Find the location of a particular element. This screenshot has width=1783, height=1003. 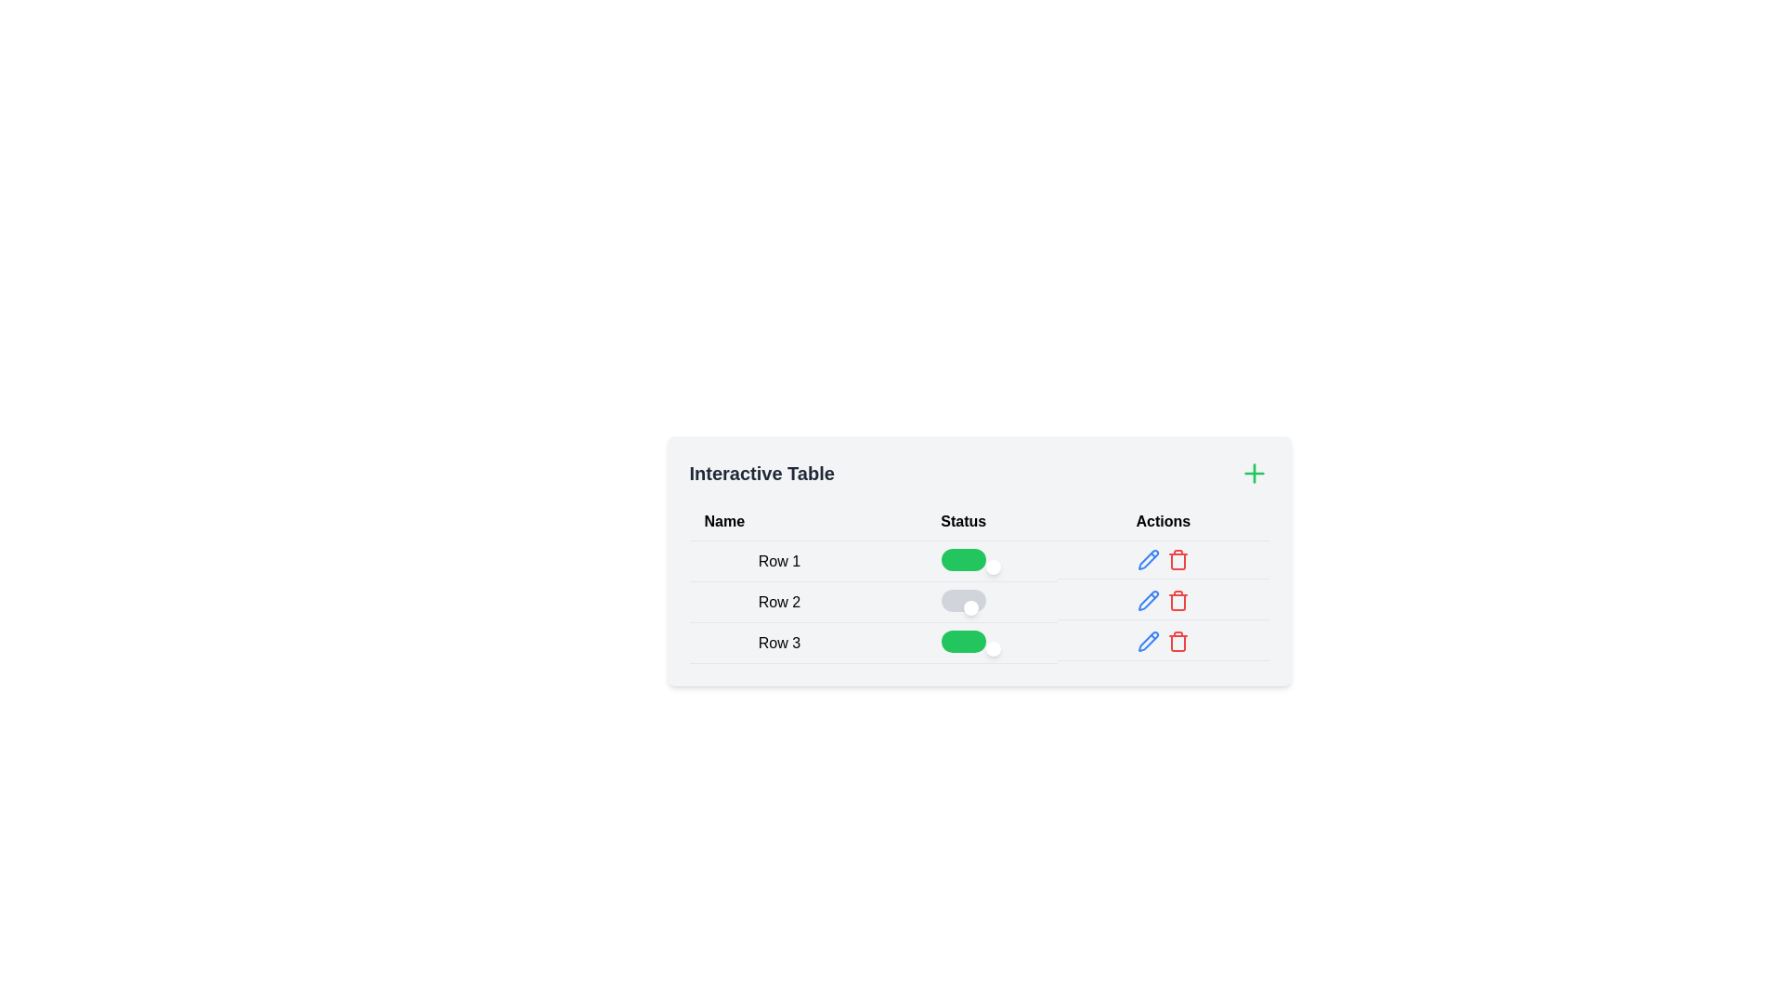

the Trash Bin Icon located in the rightmost column under the 'Actions' header in the third row of the table is located at coordinates (1177, 642).